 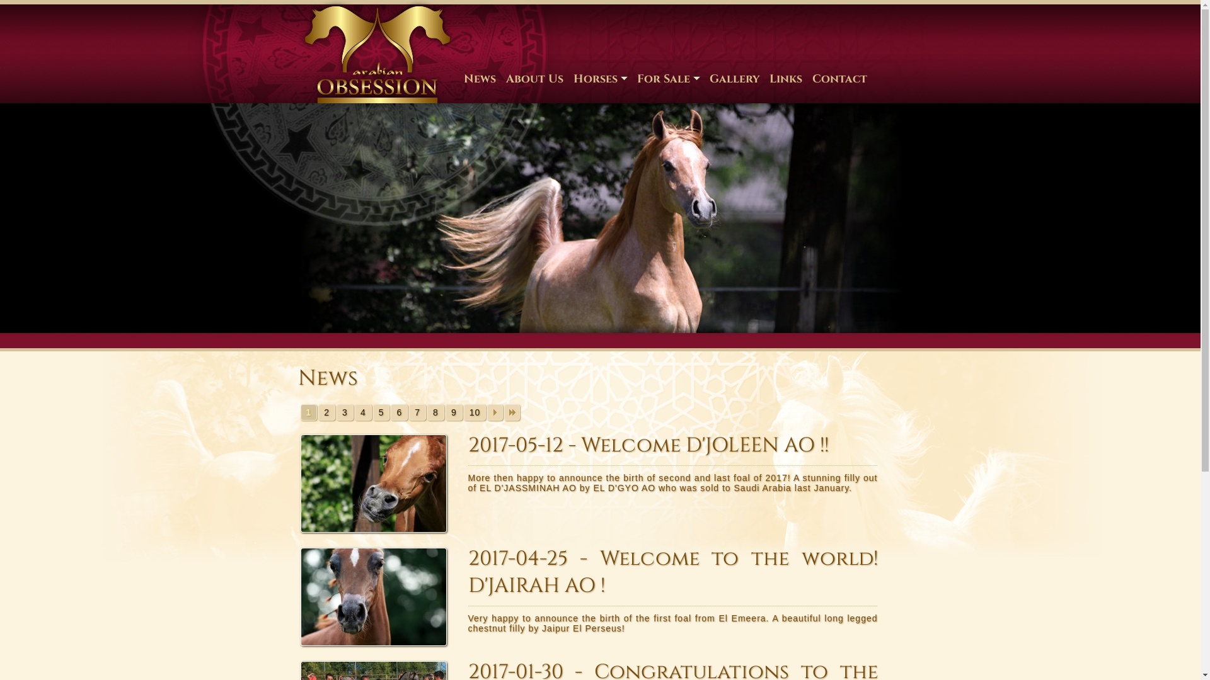 What do you see at coordinates (458, 78) in the screenshot?
I see `'News'` at bounding box center [458, 78].